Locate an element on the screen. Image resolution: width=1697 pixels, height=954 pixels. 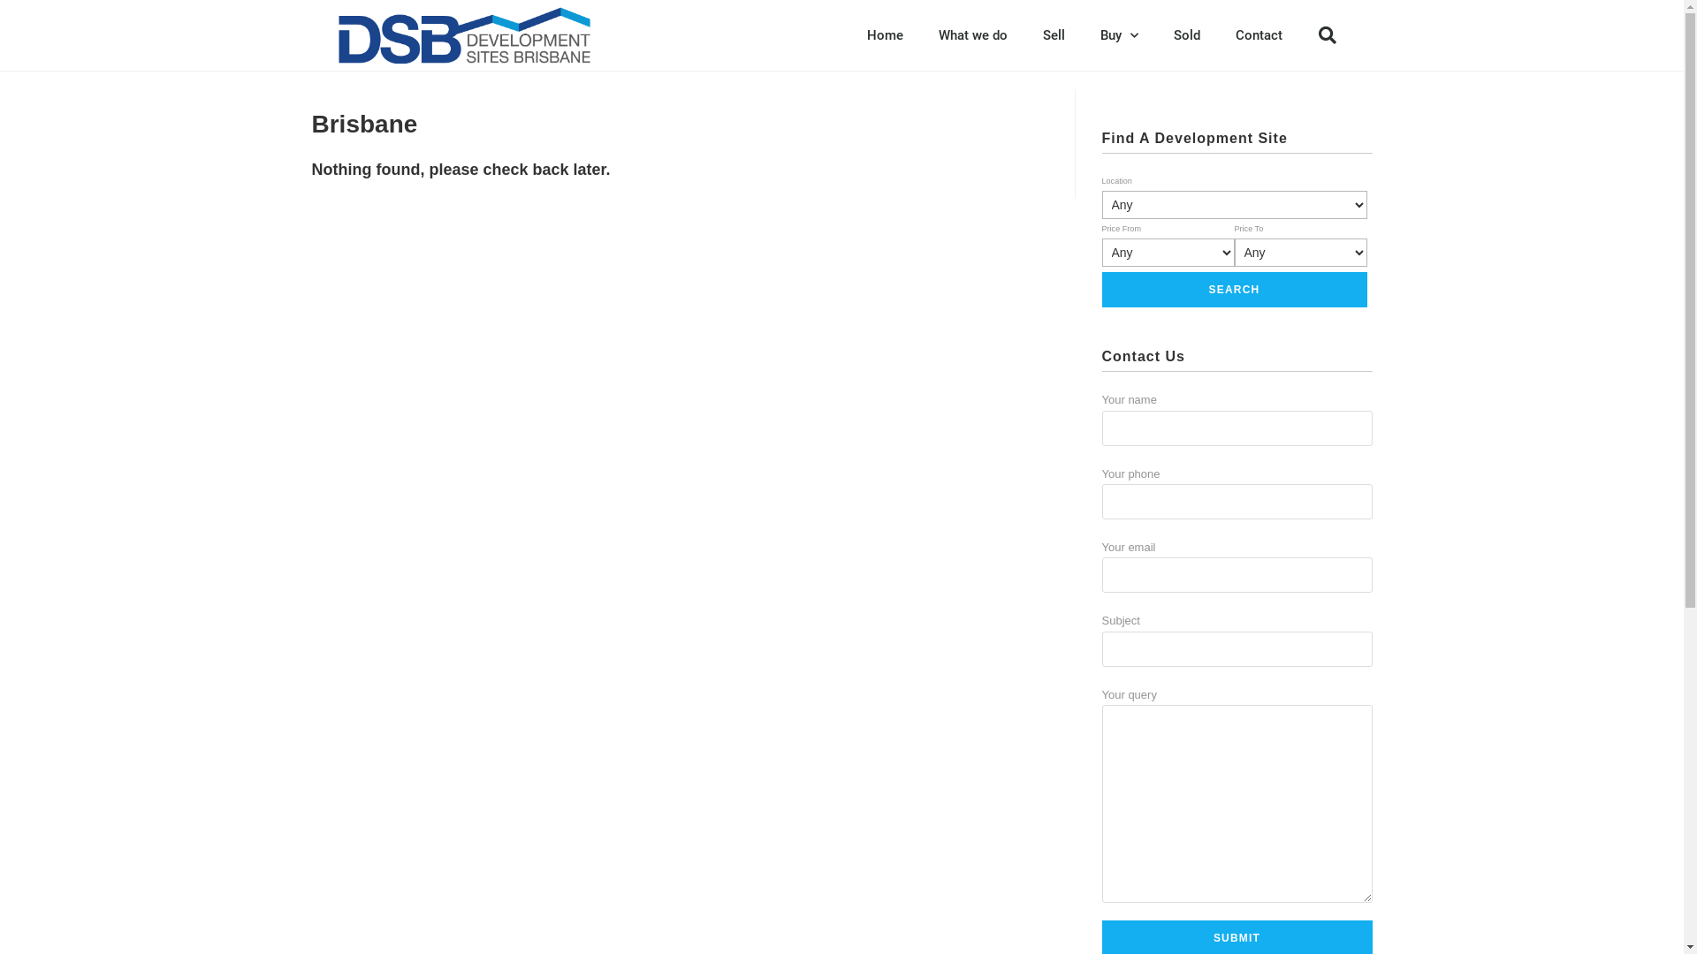
'What we do' is located at coordinates (971, 34).